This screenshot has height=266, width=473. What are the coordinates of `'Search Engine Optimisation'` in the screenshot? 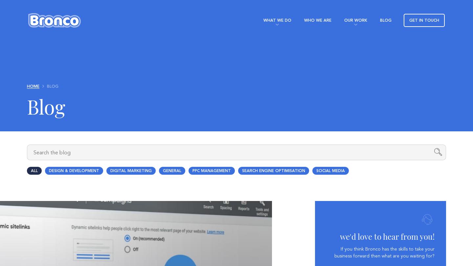 It's located at (273, 171).